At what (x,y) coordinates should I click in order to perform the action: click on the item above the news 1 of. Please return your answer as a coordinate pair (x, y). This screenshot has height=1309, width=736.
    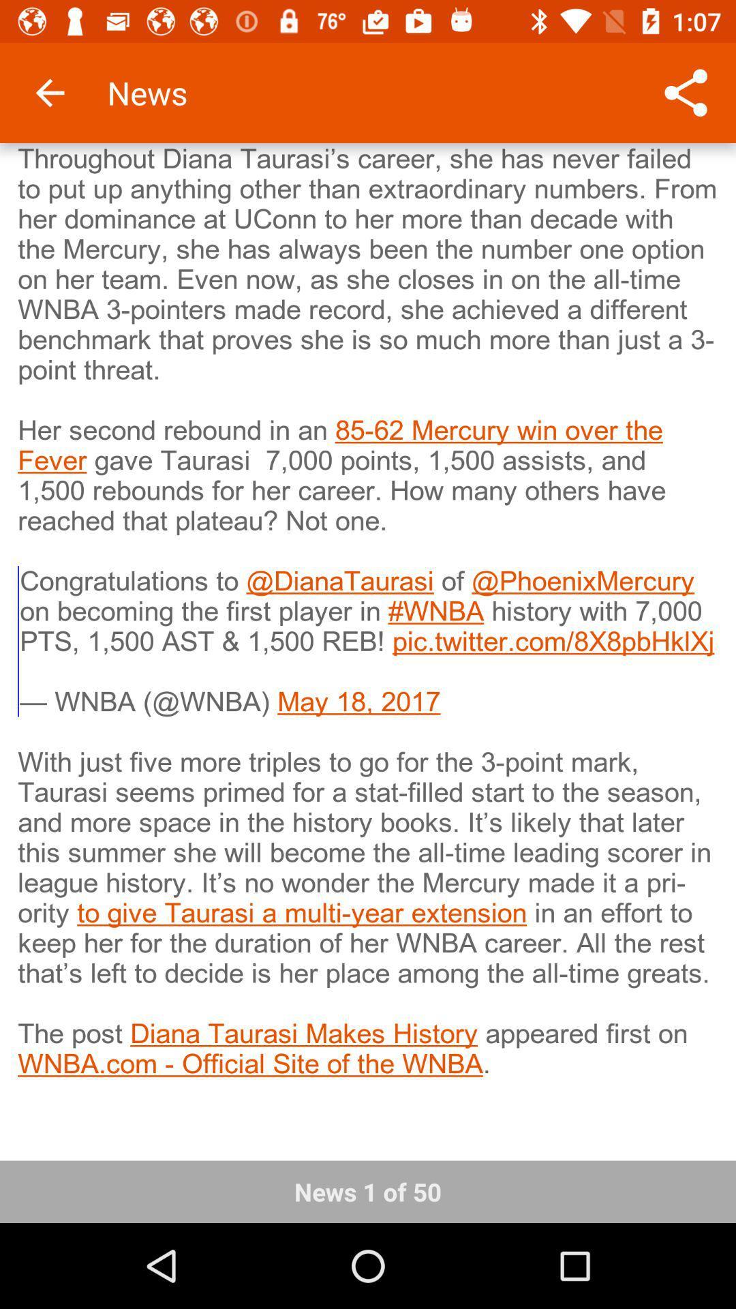
    Looking at the image, I should click on (368, 642).